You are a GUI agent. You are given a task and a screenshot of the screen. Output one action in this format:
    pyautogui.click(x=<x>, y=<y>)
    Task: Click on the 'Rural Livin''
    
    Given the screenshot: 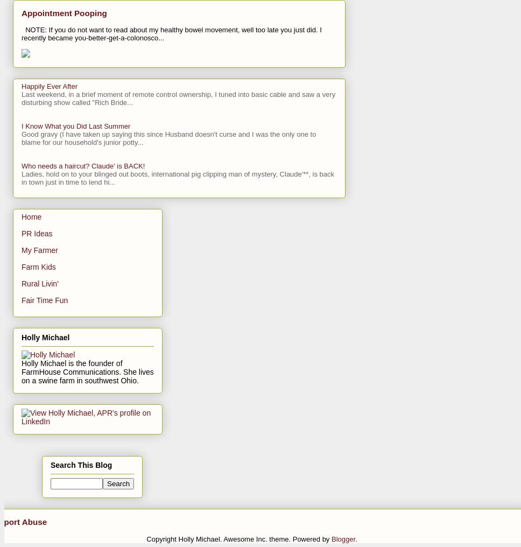 What is the action you would take?
    pyautogui.click(x=21, y=283)
    